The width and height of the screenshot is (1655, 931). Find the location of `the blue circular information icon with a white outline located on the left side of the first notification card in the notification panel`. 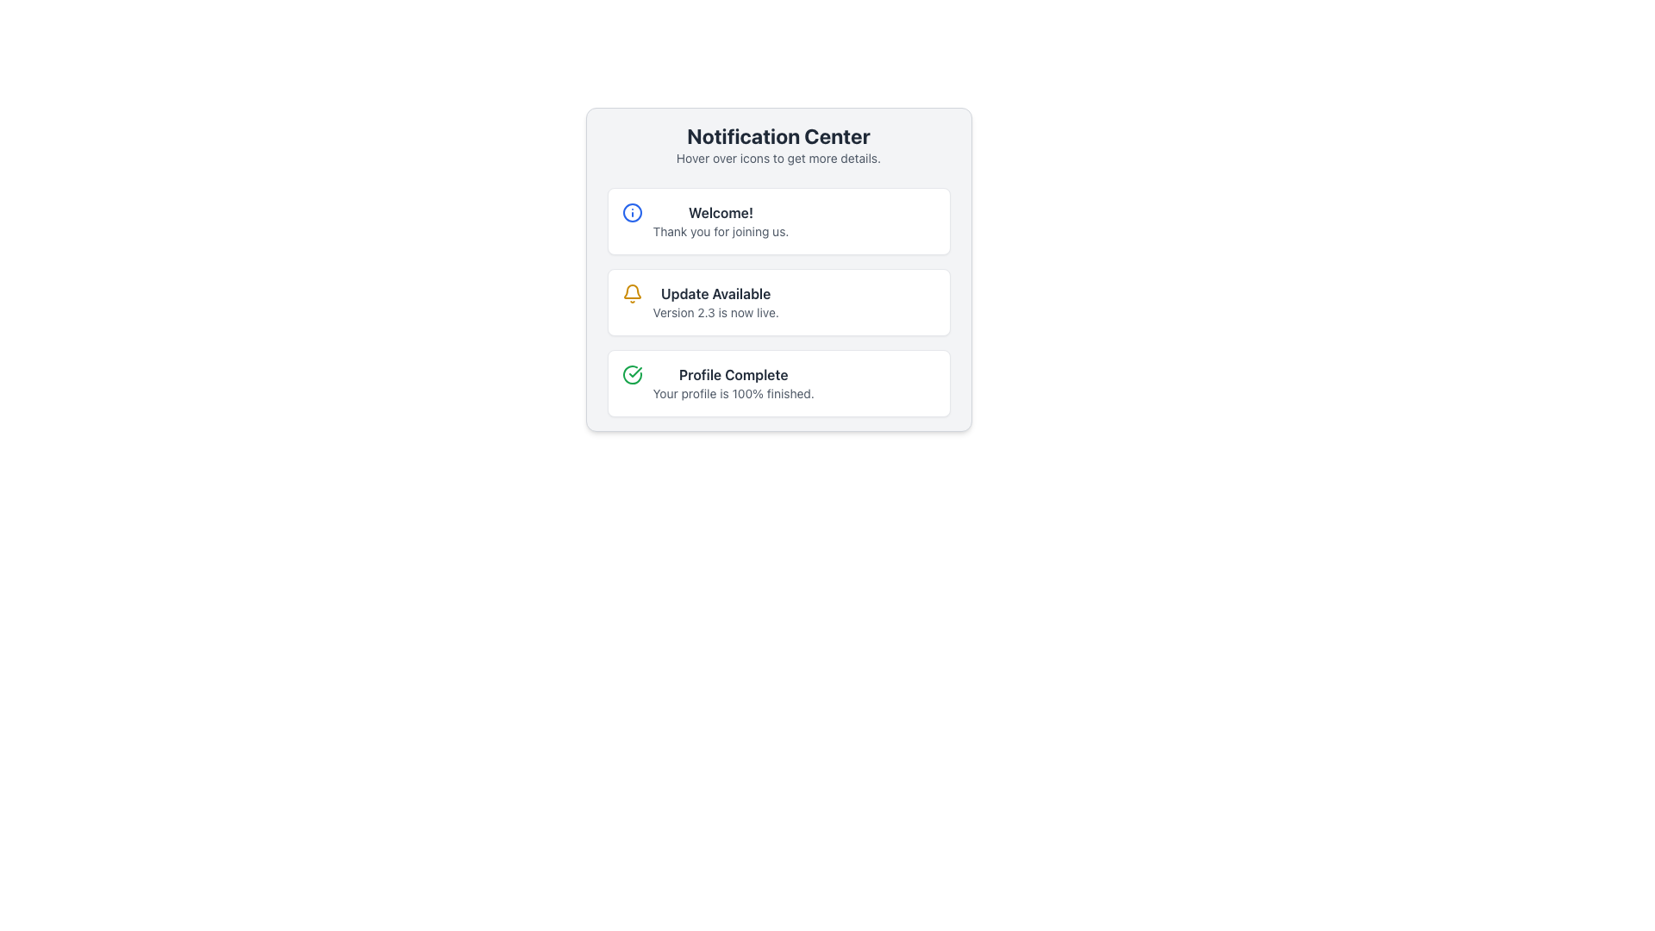

the blue circular information icon with a white outline located on the left side of the first notification card in the notification panel is located at coordinates (631, 211).